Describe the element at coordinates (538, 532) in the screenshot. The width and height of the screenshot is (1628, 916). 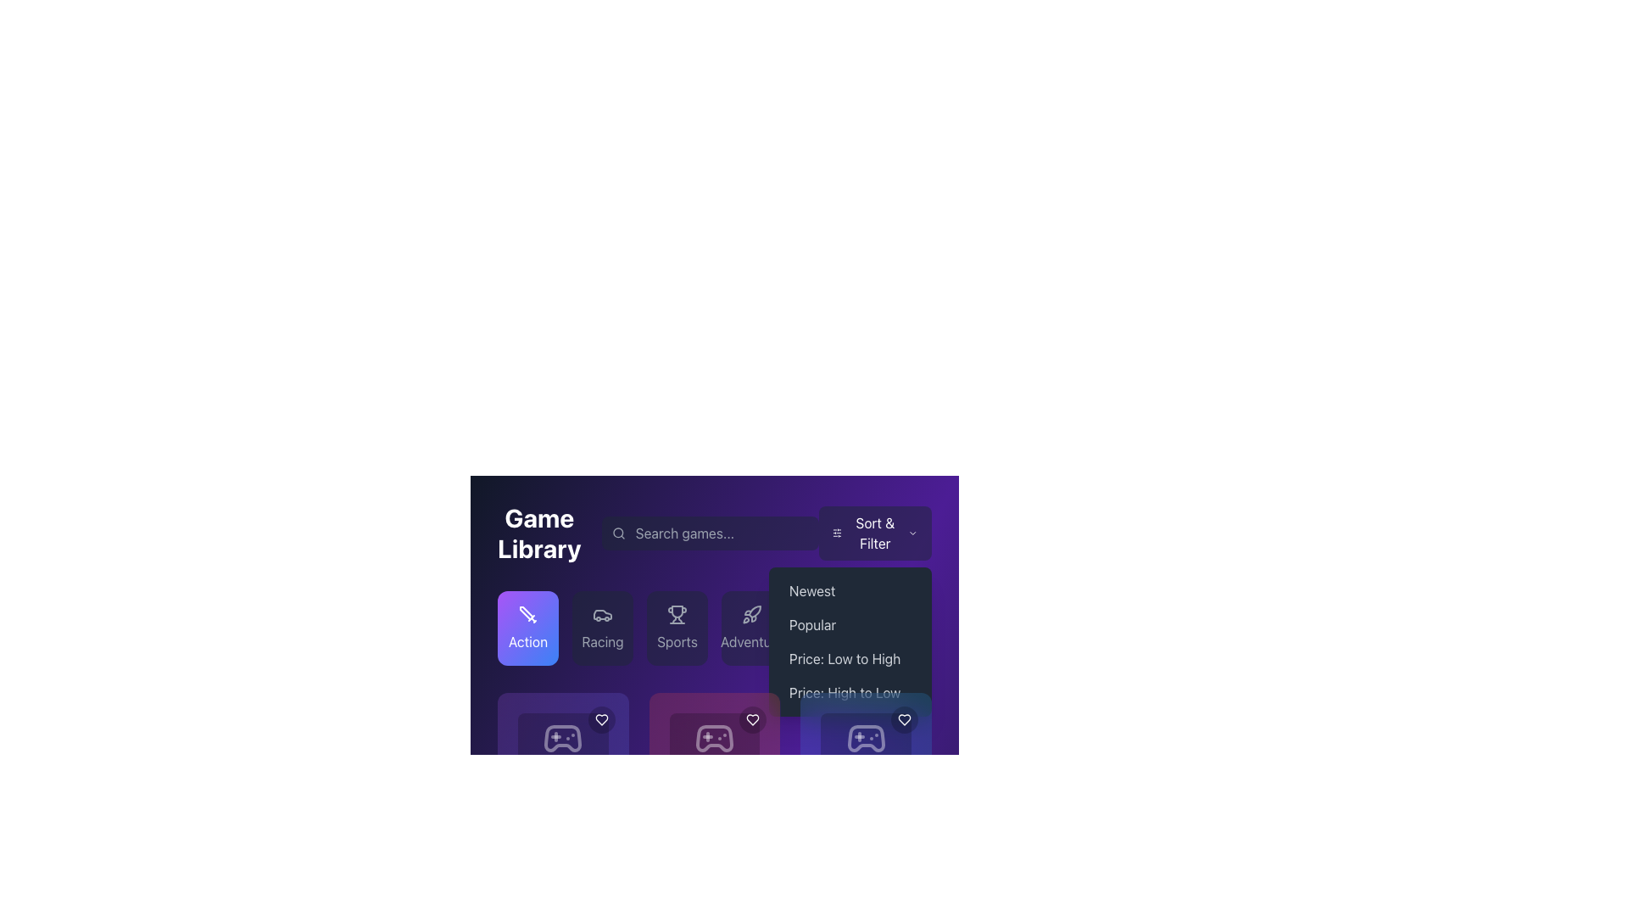
I see `the Text label indicating the 'Game Library' section, which is positioned at the top-left corner of the interface` at that location.